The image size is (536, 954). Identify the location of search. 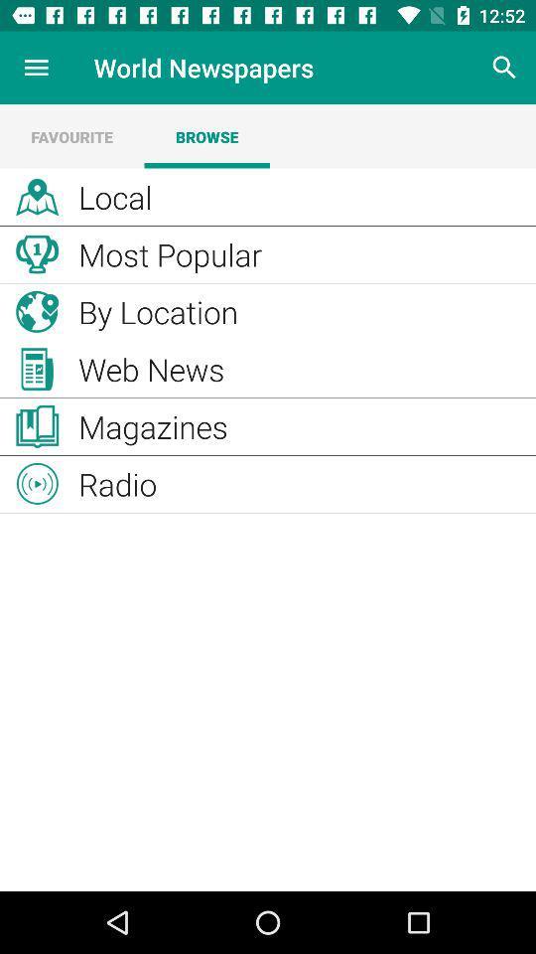
(504, 68).